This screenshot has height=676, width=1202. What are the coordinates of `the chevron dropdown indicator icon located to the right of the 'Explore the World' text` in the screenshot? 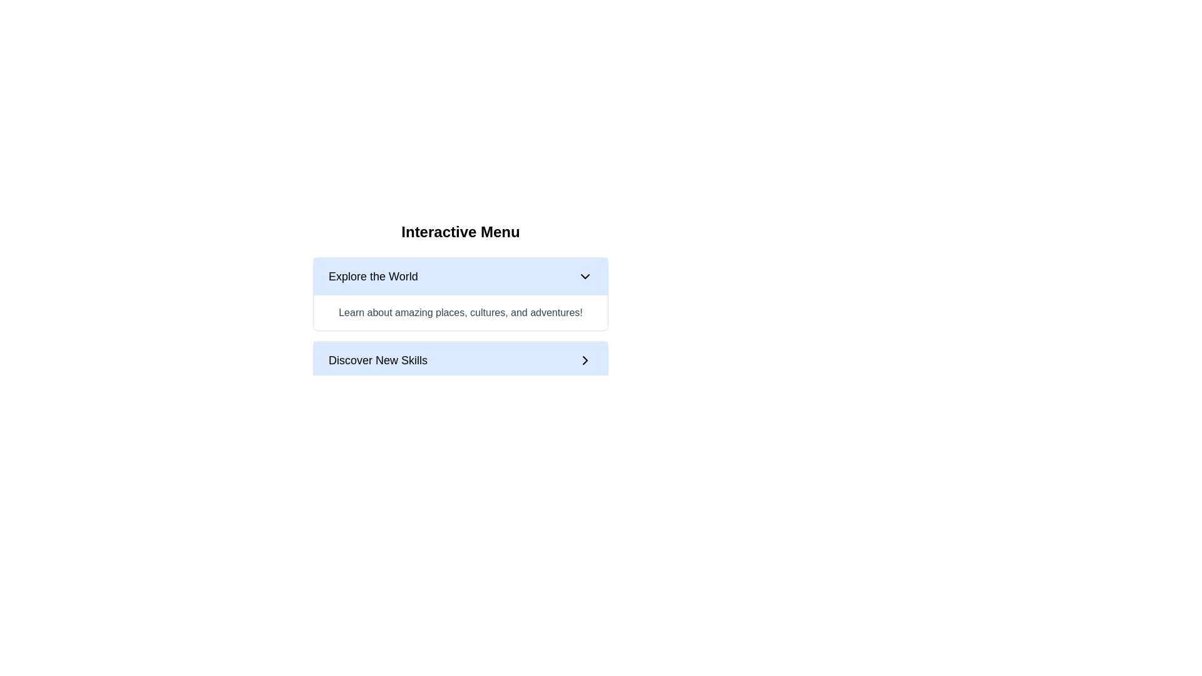 It's located at (585, 276).